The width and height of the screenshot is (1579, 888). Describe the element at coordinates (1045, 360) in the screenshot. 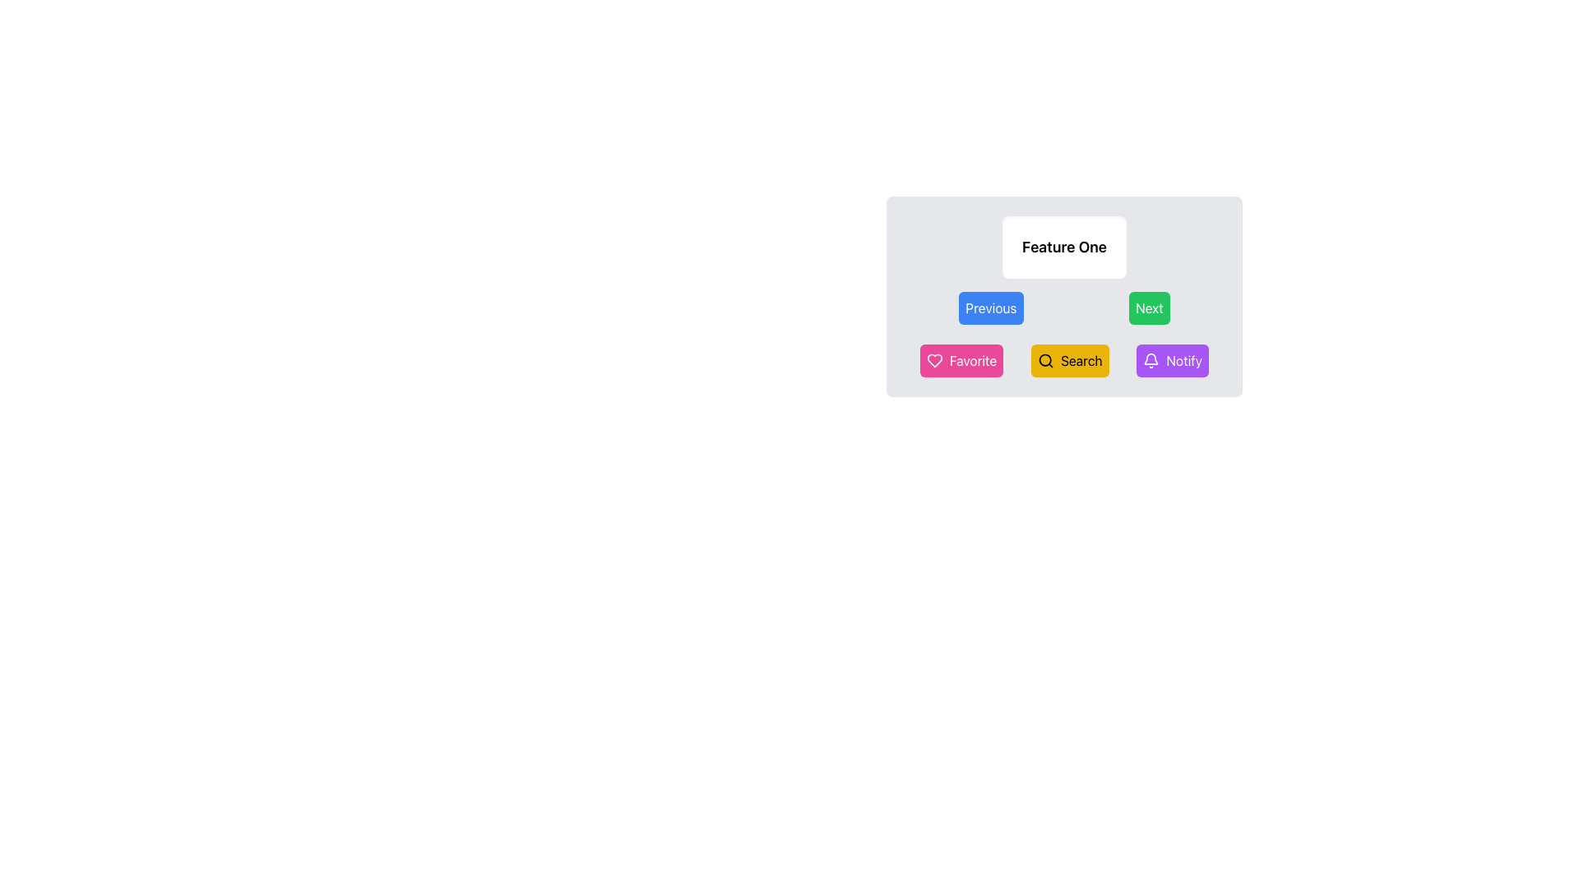

I see `the yellow 'Search' button containing the magnifying glass icon` at that location.